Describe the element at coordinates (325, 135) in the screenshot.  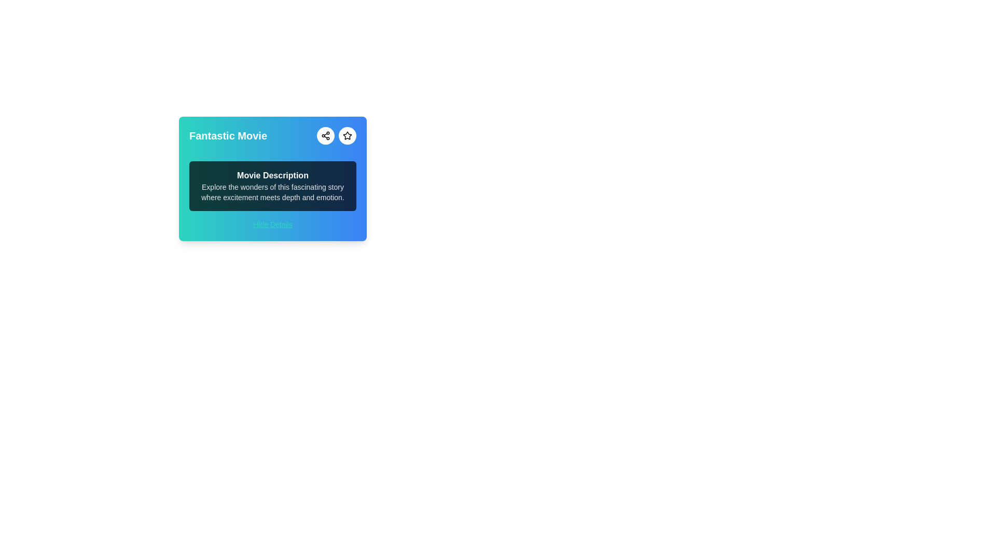
I see `the circular button with a white background and black share icon located at the top-right corner of a card element` at that location.